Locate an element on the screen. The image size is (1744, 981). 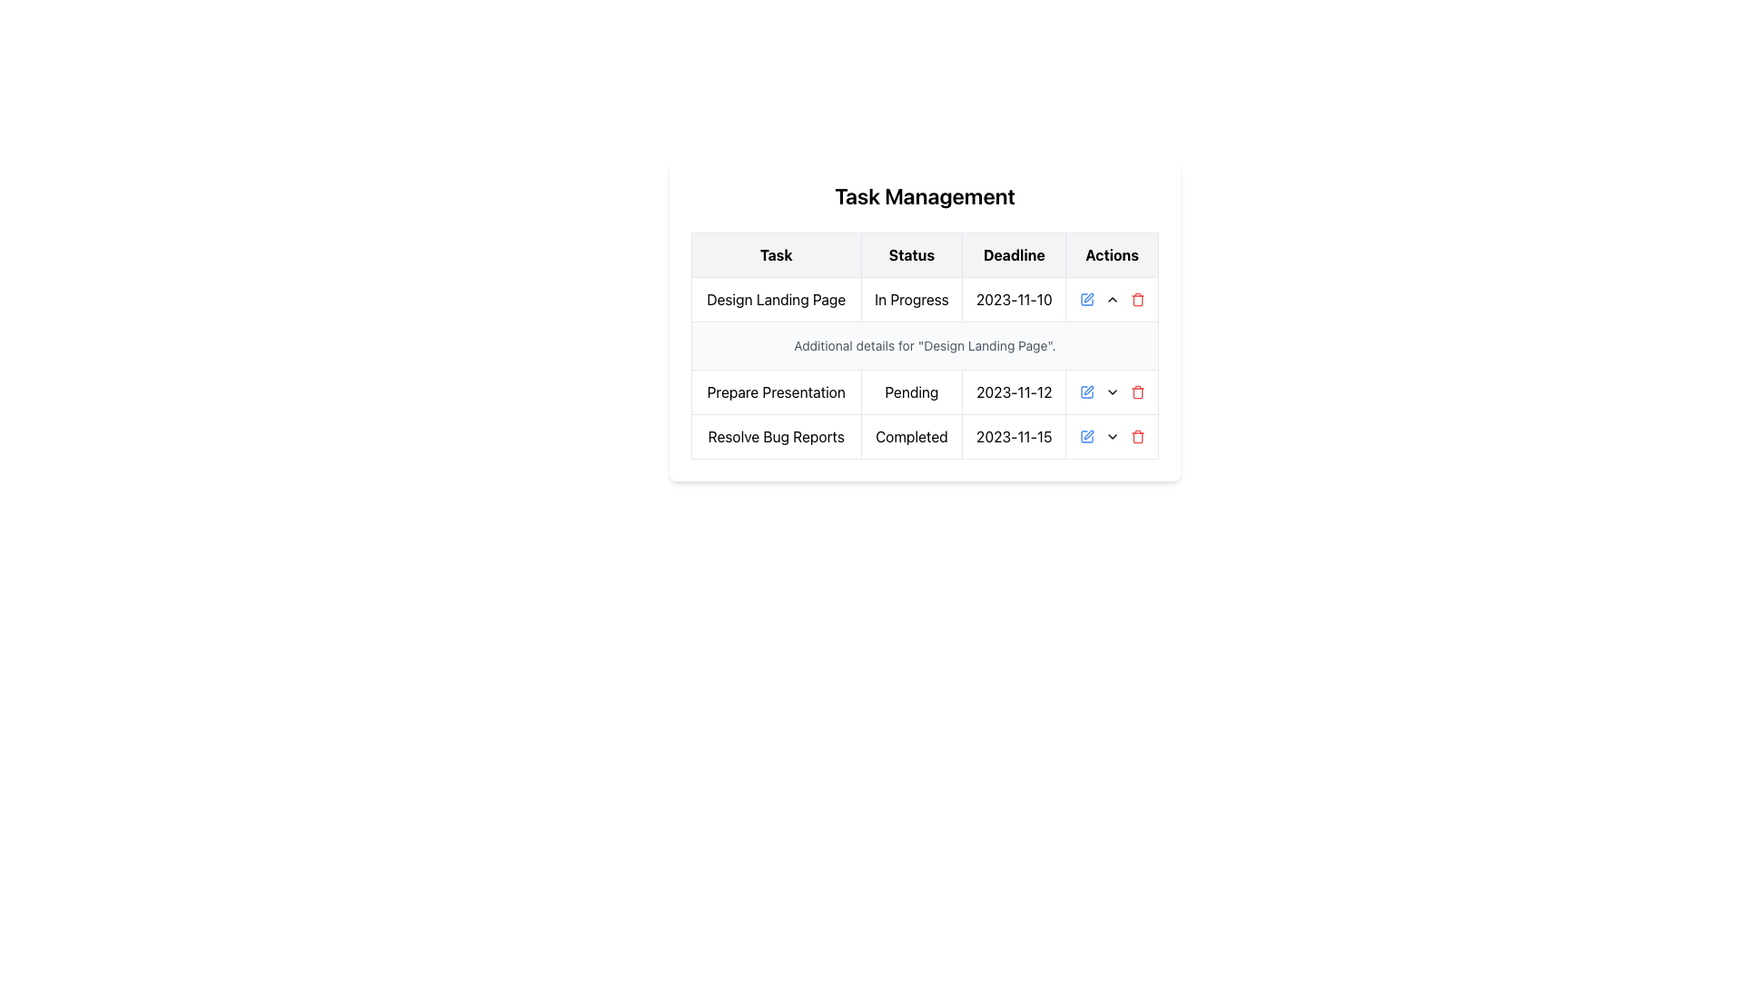
the task entry row displaying 'Resolve Bug Reports', which includes its completion status 'Completed', deadline '2023-11-15', and action icons for editing, completing, or deleting the task is located at coordinates (925, 437).